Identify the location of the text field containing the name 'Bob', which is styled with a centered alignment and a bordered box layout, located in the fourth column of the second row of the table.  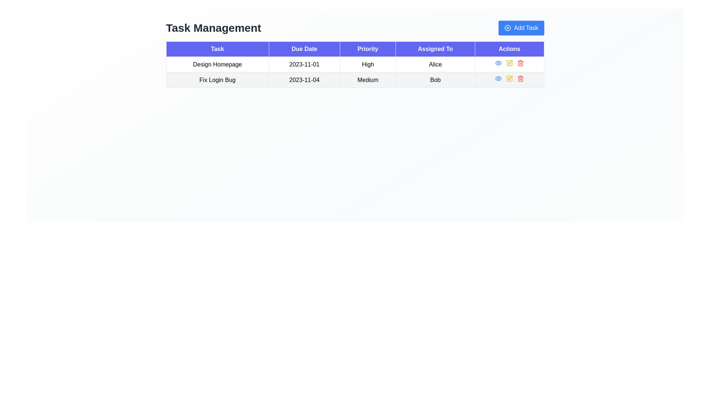
(435, 80).